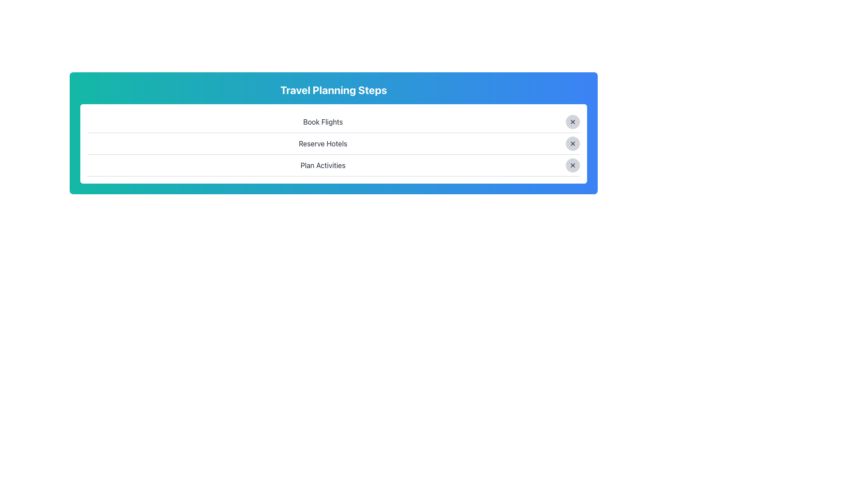  Describe the element at coordinates (323, 122) in the screenshot. I see `text label indicating the first task in the 'Travel Planning Steps' list for booking flights` at that location.